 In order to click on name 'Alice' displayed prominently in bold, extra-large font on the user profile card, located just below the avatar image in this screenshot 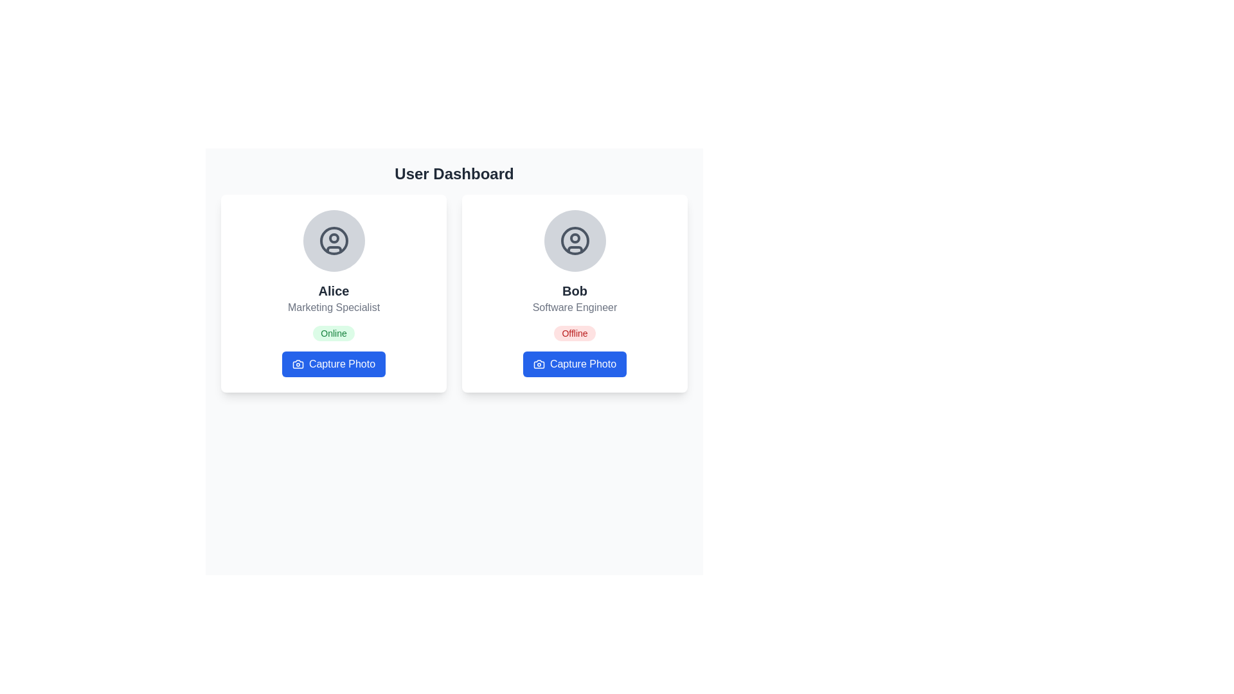, I will do `click(334, 290)`.